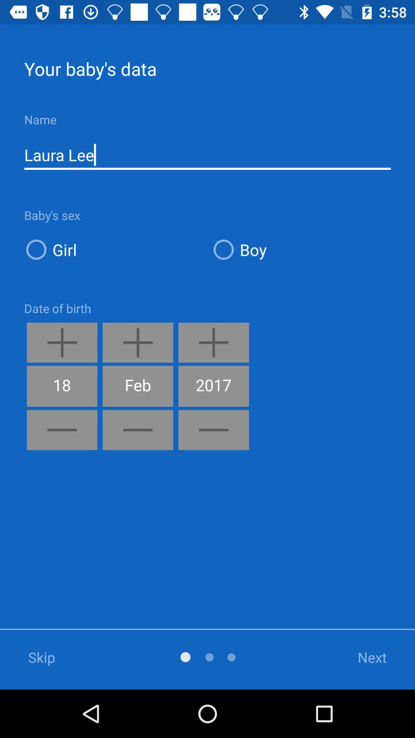  Describe the element at coordinates (362, 657) in the screenshot. I see `the next item` at that location.